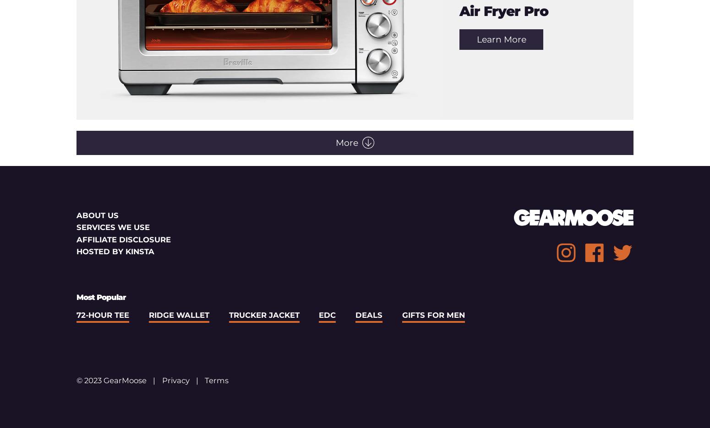 Image resolution: width=710 pixels, height=428 pixels. What do you see at coordinates (115, 251) in the screenshot?
I see `'Hosted By Kinsta'` at bounding box center [115, 251].